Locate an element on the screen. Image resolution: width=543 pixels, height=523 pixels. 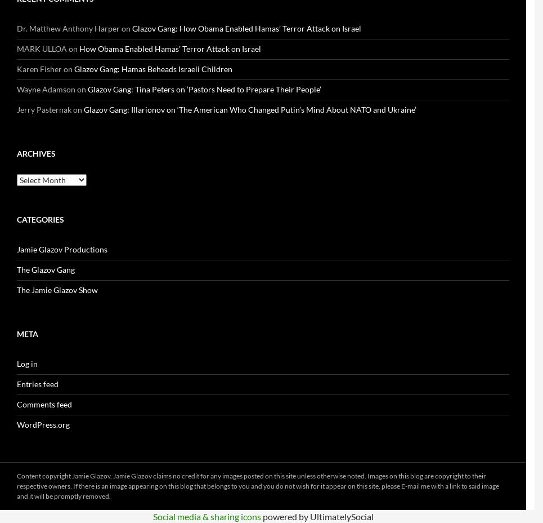
'Glazov Gang: Illarionov on ‘The American Who Changed Putin’s Mind About NATO and Ukraine’' is located at coordinates (250, 109).